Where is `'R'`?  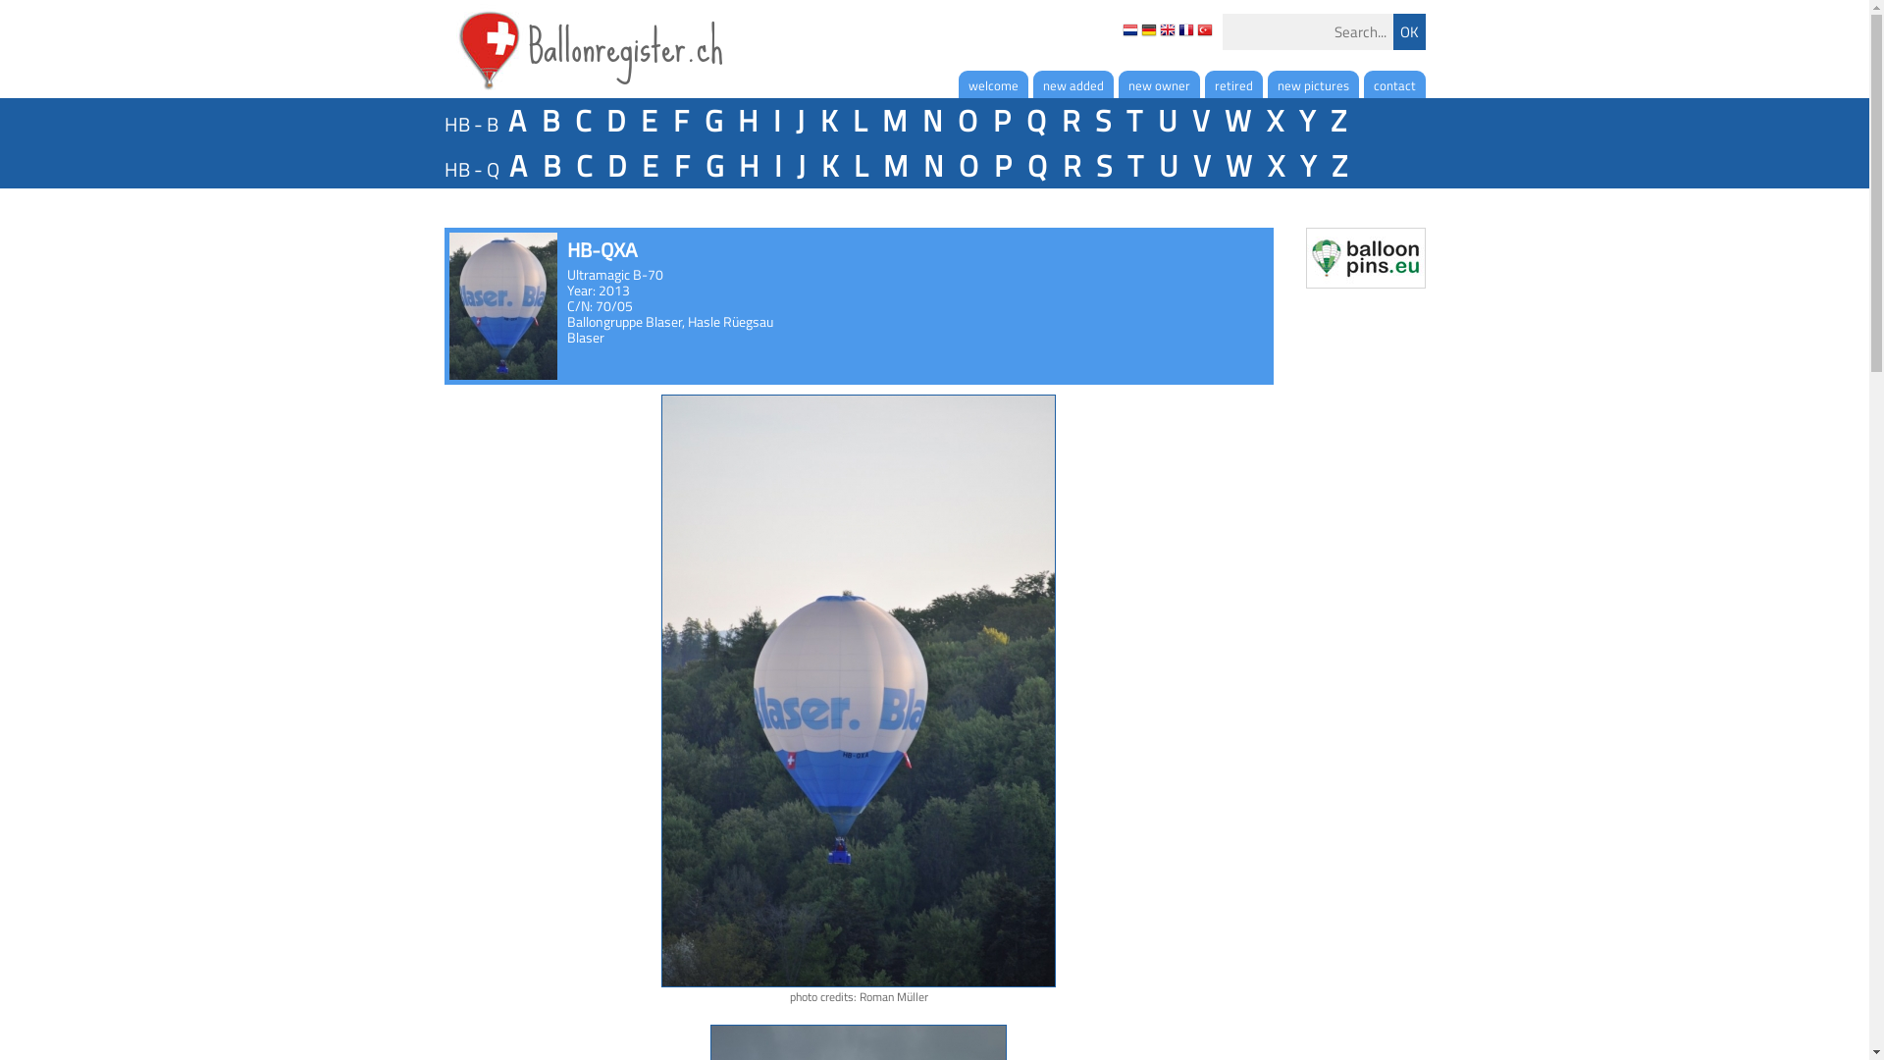
'R' is located at coordinates (1069, 121).